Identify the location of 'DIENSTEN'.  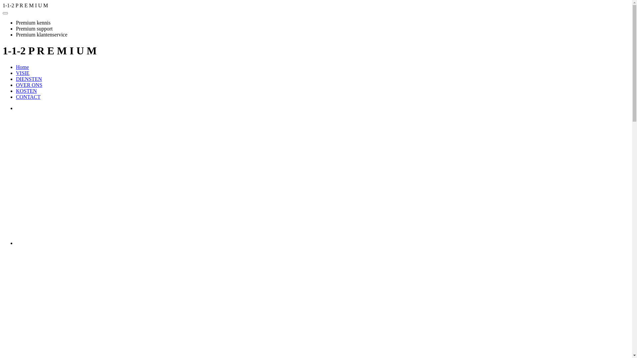
(28, 79).